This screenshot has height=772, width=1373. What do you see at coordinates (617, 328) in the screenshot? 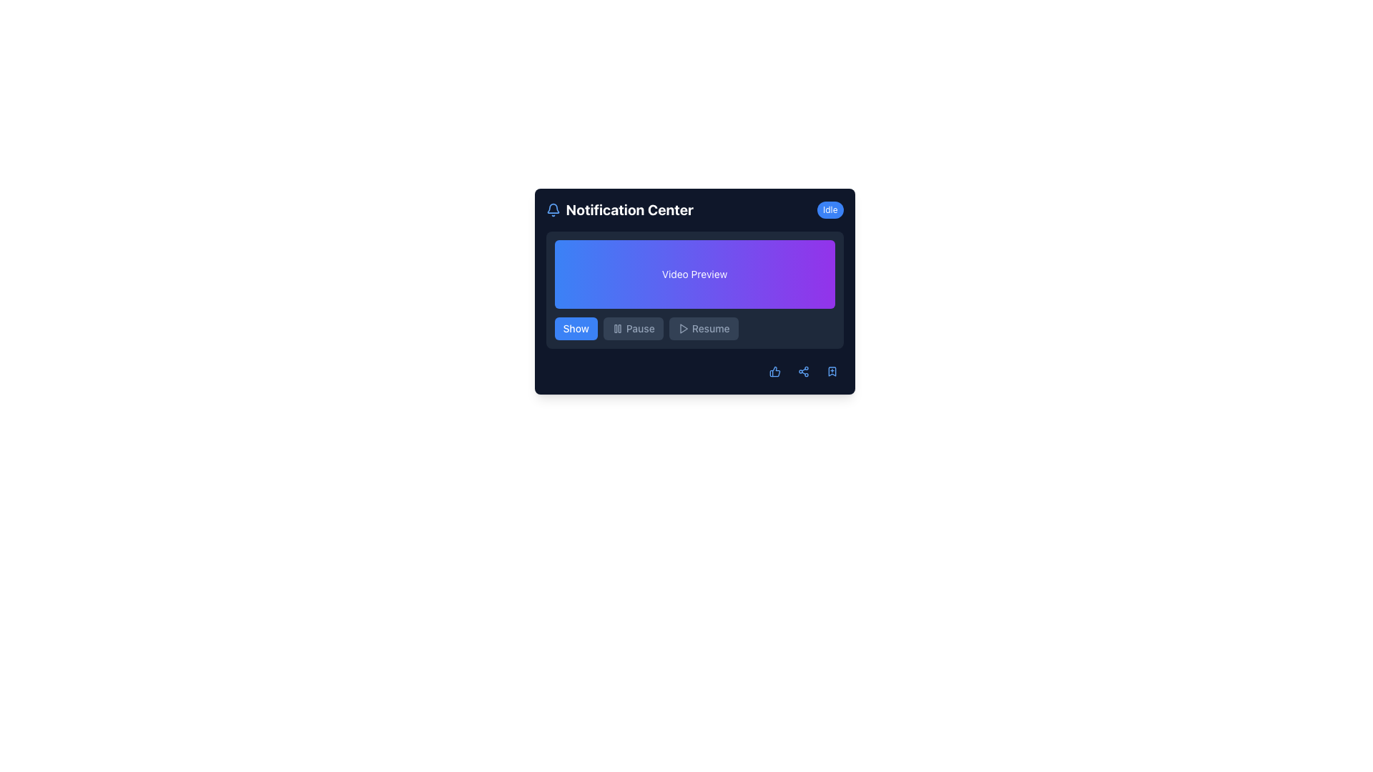
I see `the 'pause' icon, which consists of two vertical bars and is located above the 'Pause' text in the bottom bar of the interface` at bounding box center [617, 328].